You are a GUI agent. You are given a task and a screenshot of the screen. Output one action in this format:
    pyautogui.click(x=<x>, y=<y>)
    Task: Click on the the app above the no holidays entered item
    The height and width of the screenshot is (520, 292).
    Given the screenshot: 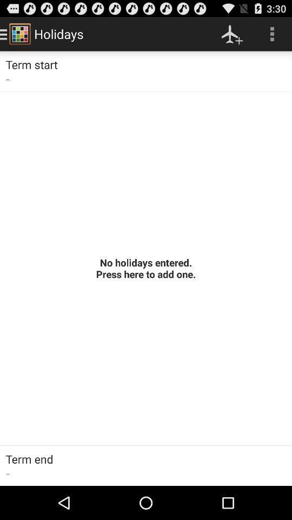 What is the action you would take?
    pyautogui.click(x=271, y=34)
    